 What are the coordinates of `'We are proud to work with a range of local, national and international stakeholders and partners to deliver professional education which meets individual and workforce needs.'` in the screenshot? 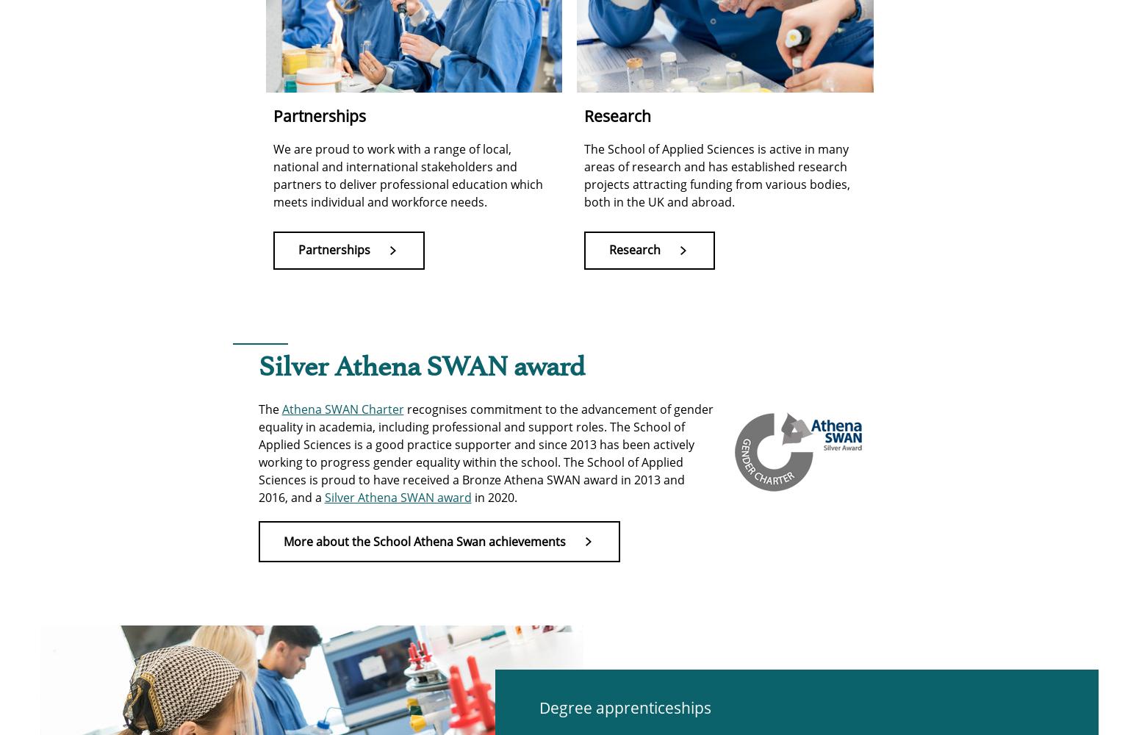 It's located at (407, 174).